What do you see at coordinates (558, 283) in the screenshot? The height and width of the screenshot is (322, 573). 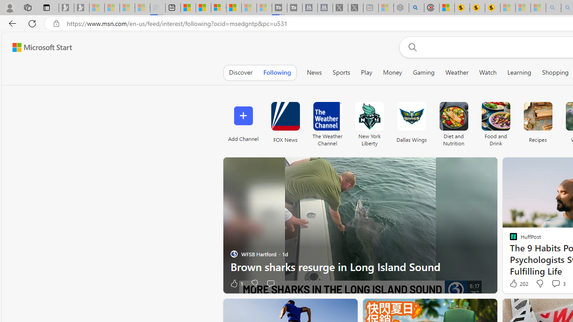 I see `'View comments 3 Comment'` at bounding box center [558, 283].